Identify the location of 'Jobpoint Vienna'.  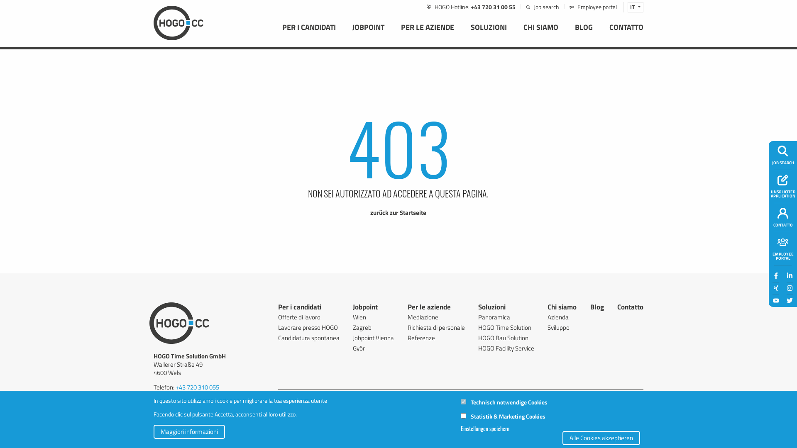
(373, 338).